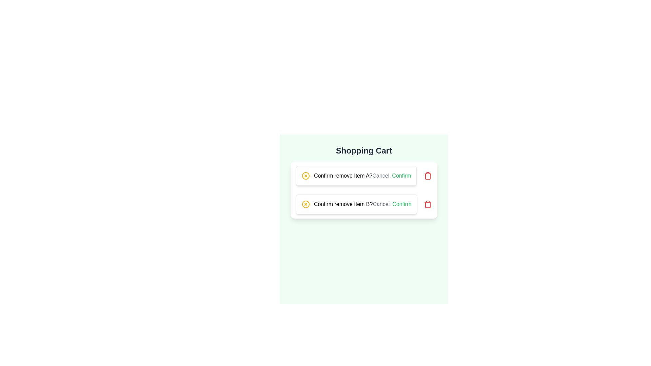  Describe the element at coordinates (305, 180) in the screenshot. I see `the price text label for 'Item A' in the shopping cart interface` at that location.